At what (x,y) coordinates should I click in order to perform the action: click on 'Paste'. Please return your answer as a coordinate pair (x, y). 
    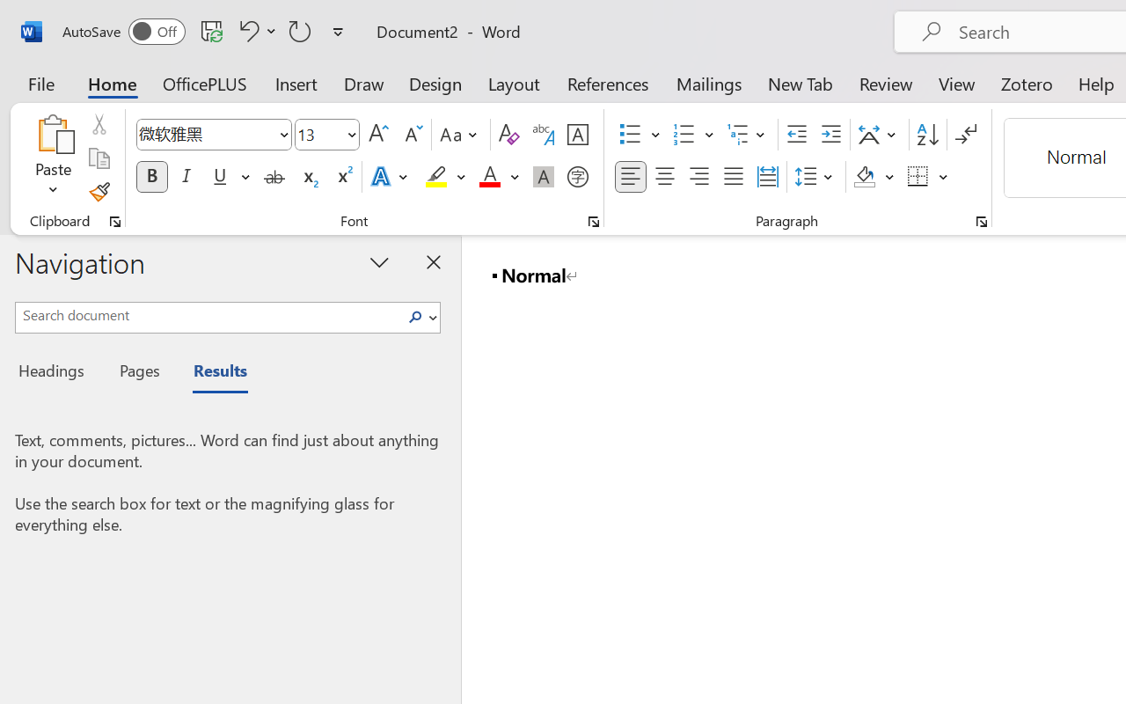
    Looking at the image, I should click on (53, 133).